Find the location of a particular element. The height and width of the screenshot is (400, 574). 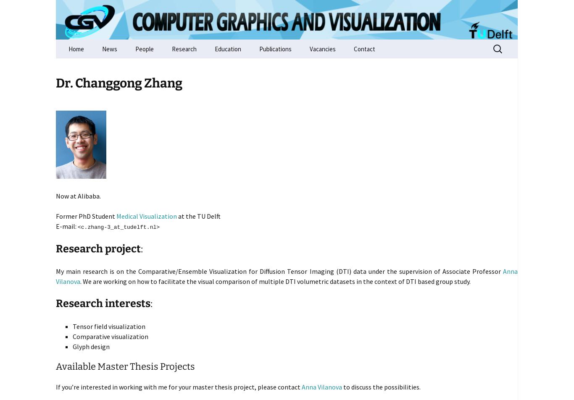

'Education' is located at coordinates (227, 49).